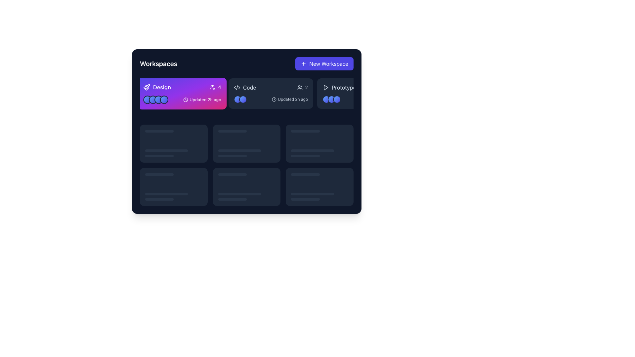 Image resolution: width=635 pixels, height=357 pixels. Describe the element at coordinates (302, 87) in the screenshot. I see `the number of users displayed in the icon located in the upper-right area of the 'Code' workspace card header` at that location.